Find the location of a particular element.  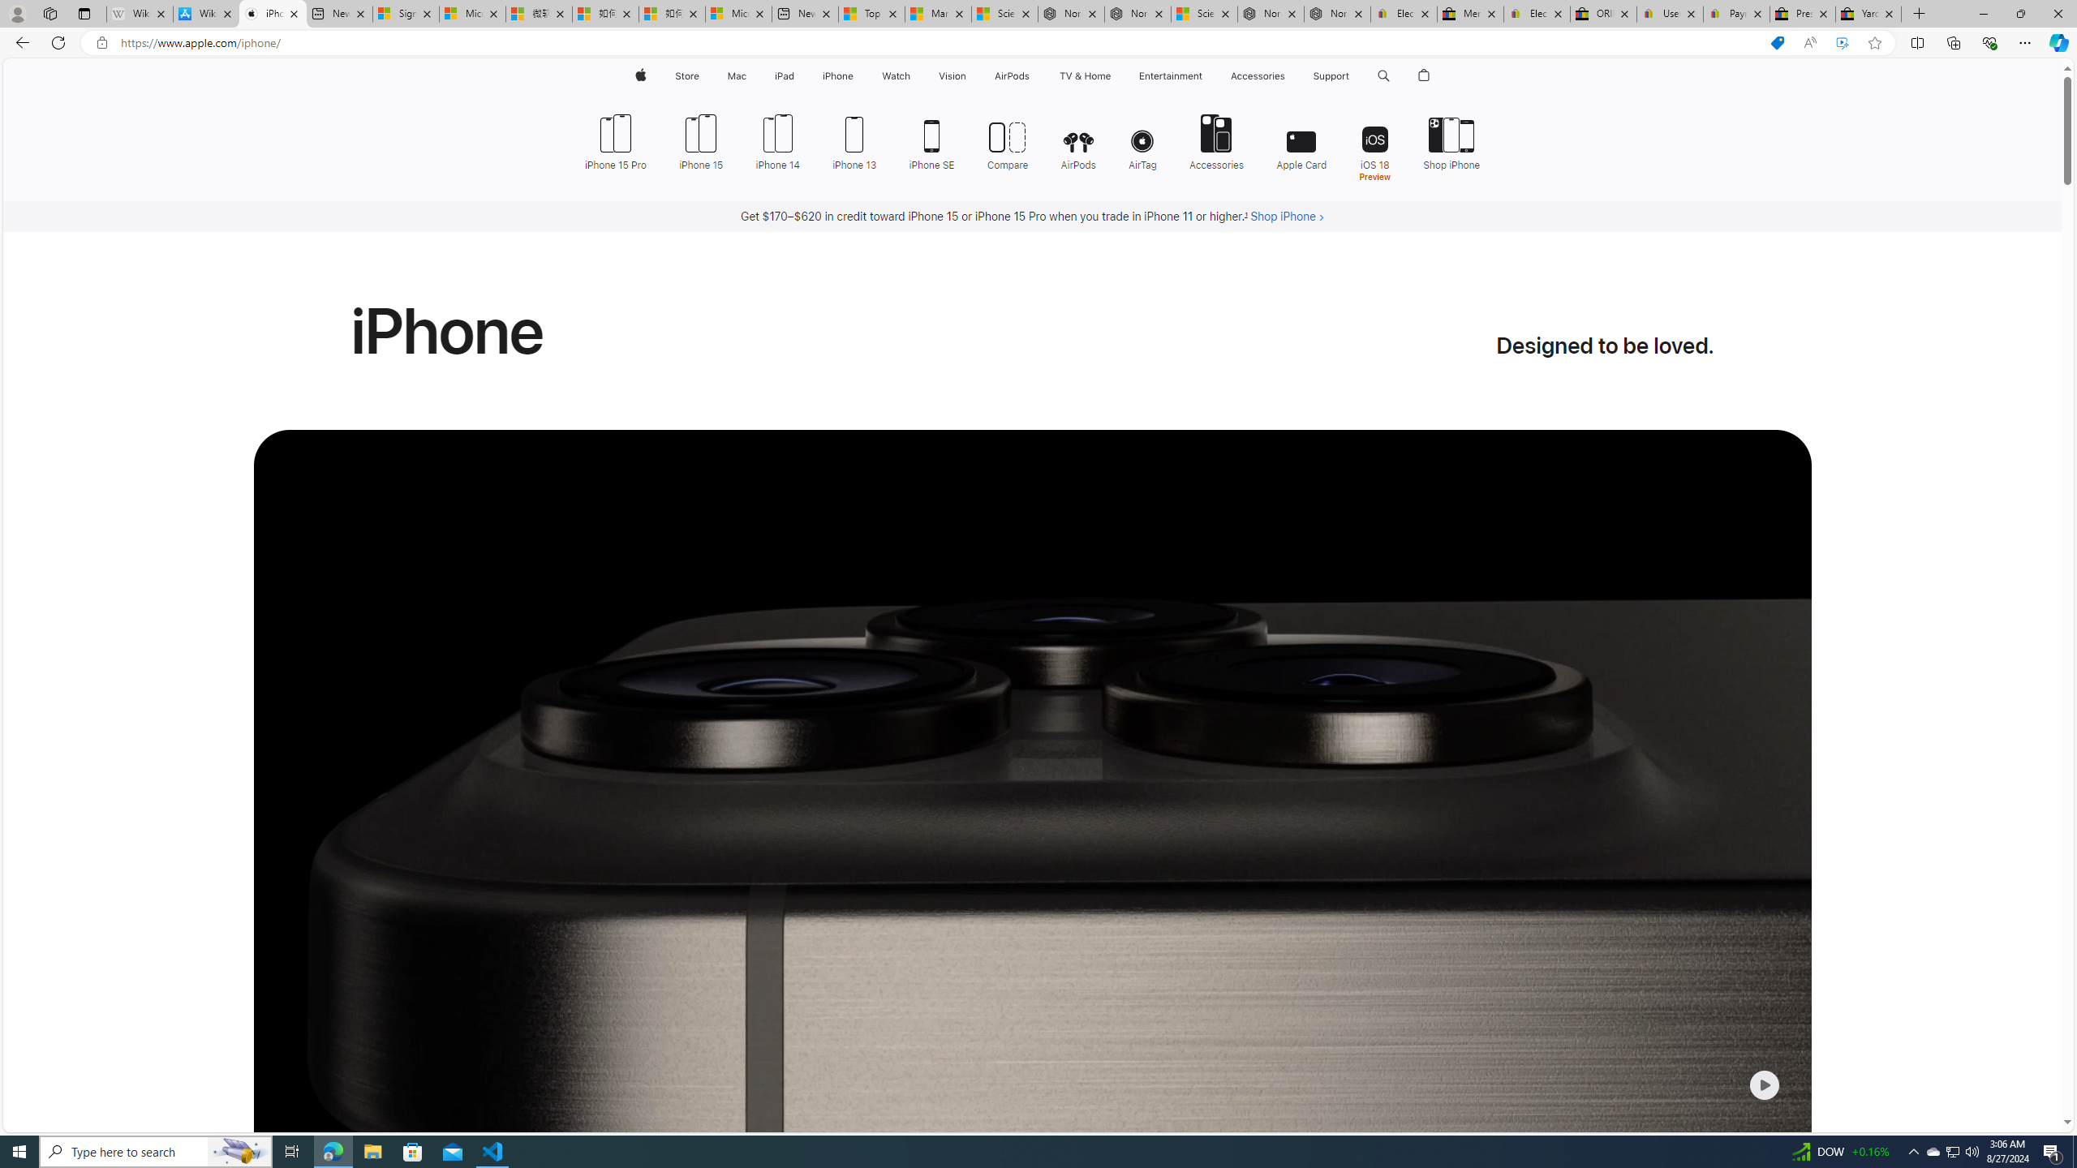

'Search apple.com' is located at coordinates (1383, 75).